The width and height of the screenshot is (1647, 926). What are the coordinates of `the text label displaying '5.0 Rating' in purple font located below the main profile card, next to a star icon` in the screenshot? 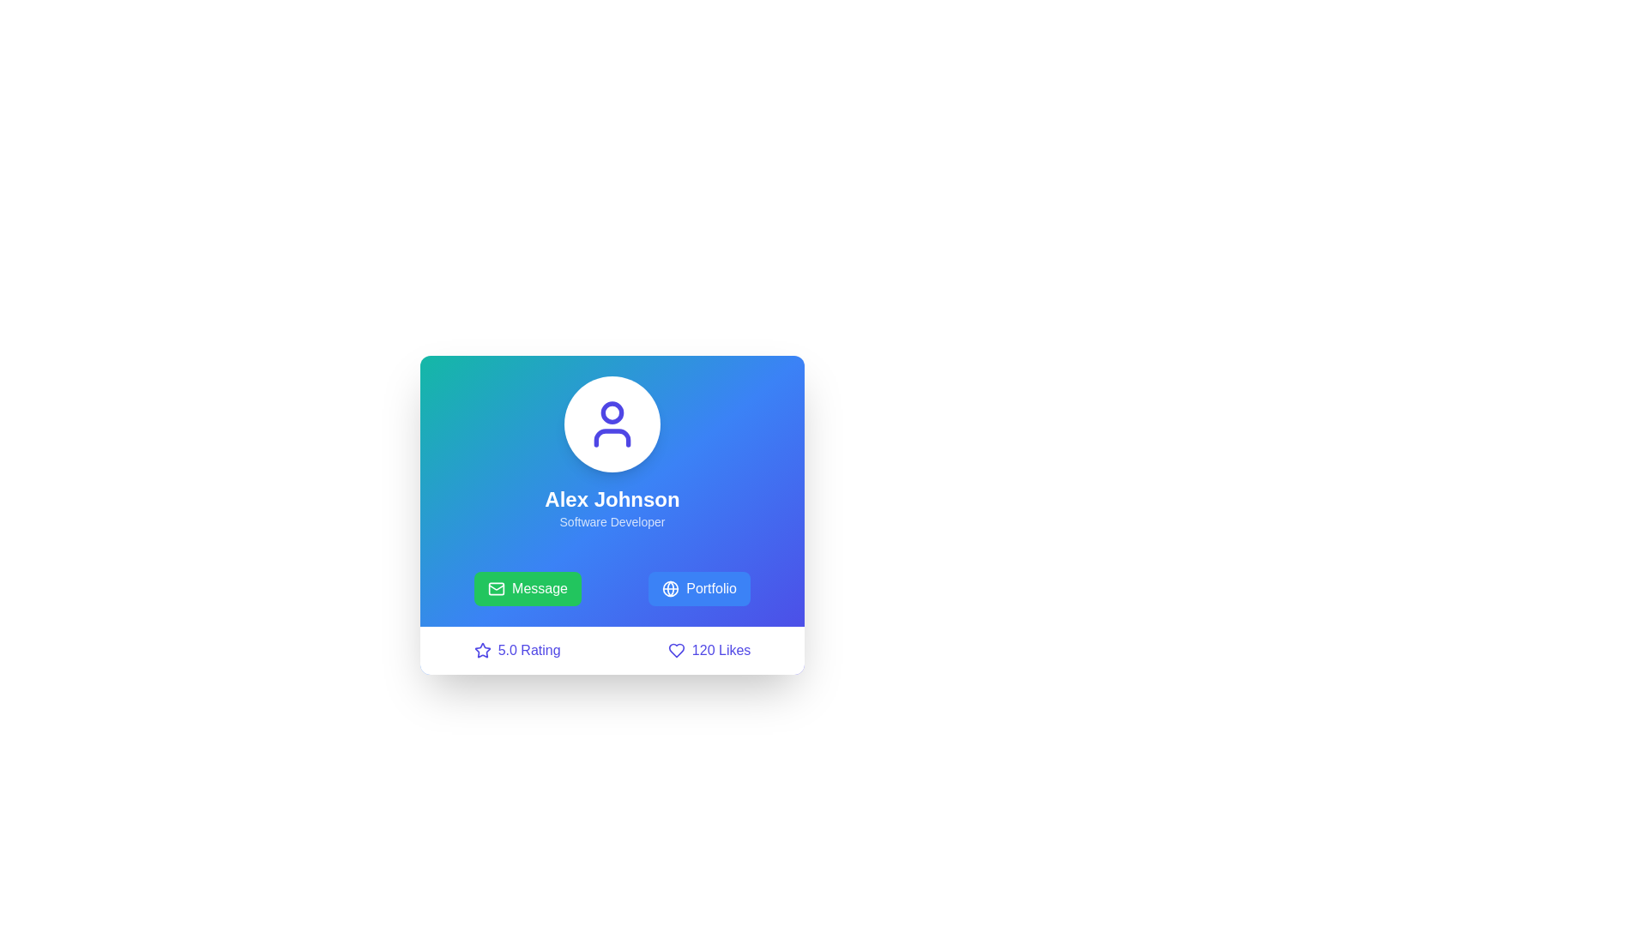 It's located at (528, 651).